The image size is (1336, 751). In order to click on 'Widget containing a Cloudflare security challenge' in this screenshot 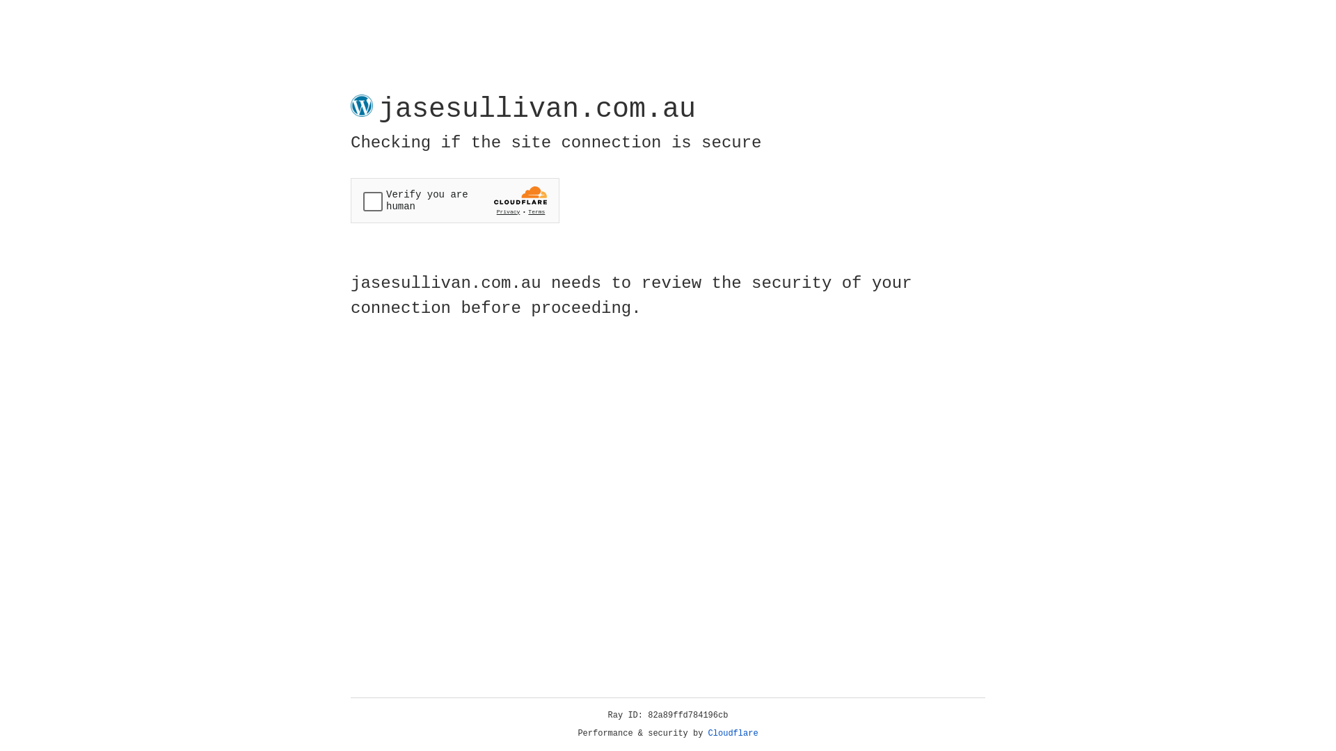, I will do `click(454, 200)`.